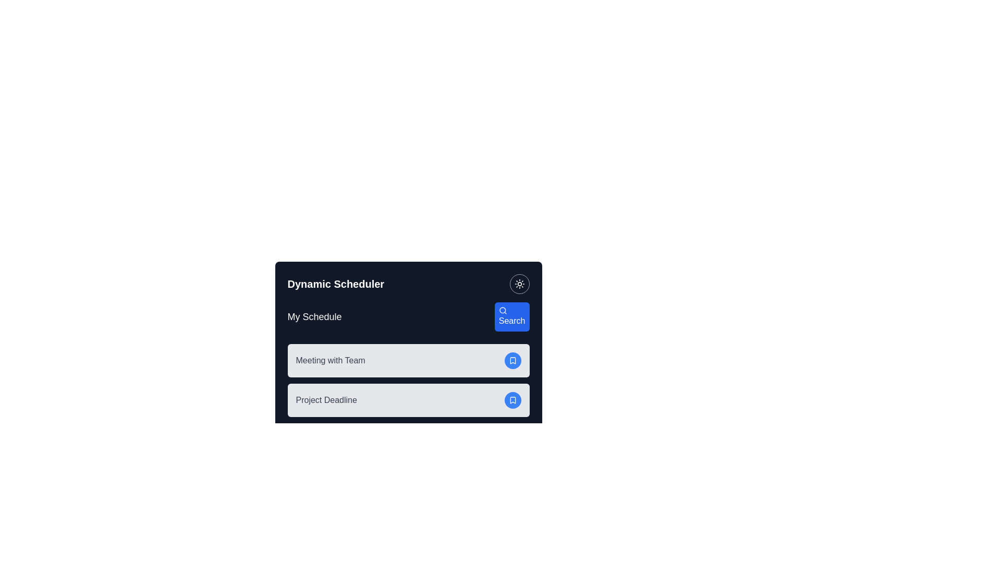  Describe the element at coordinates (503, 310) in the screenshot. I see `the magnifying glass icon within the 'Search' button in the upper right corner of the 'Dynamic Scheduler' interface` at that location.